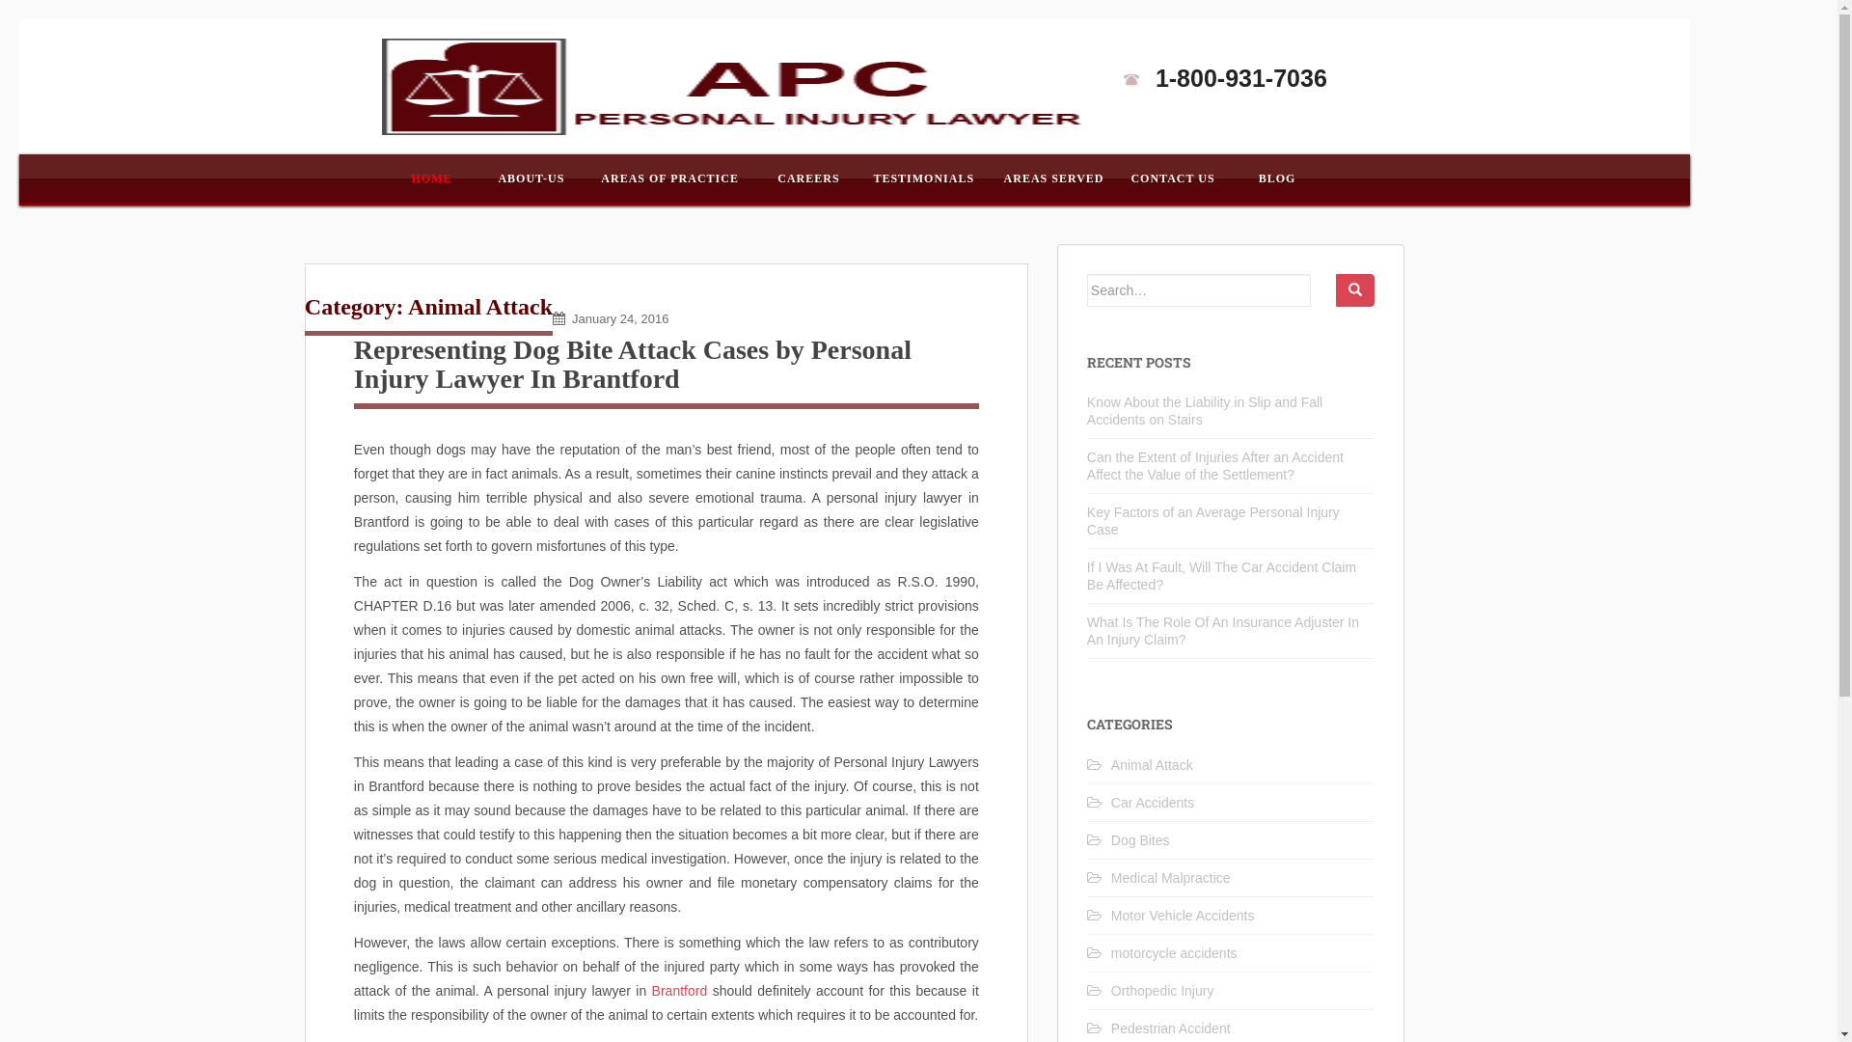 The width and height of the screenshot is (1852, 1042). I want to click on 'TESTIMONIALS', so click(922, 178).